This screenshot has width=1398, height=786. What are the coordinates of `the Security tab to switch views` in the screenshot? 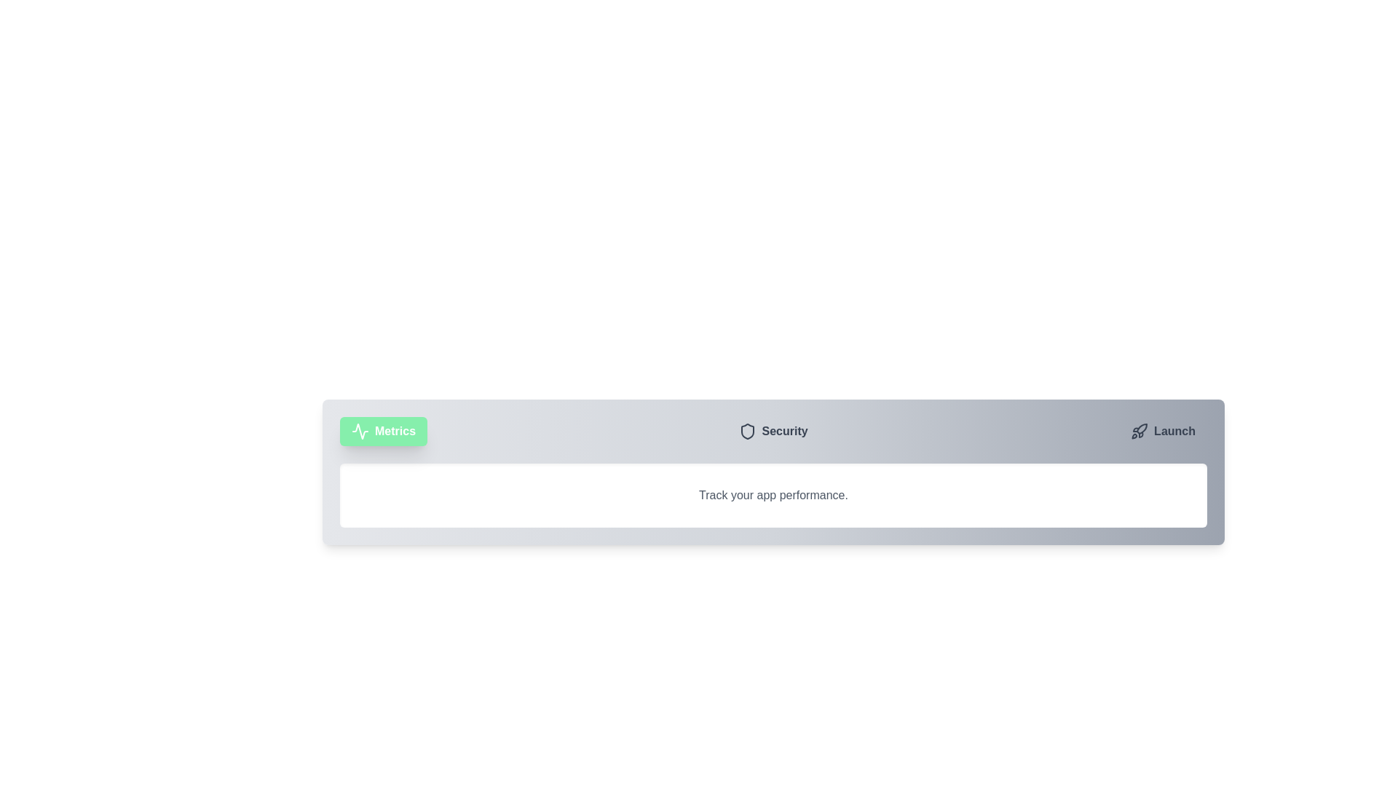 It's located at (772, 431).